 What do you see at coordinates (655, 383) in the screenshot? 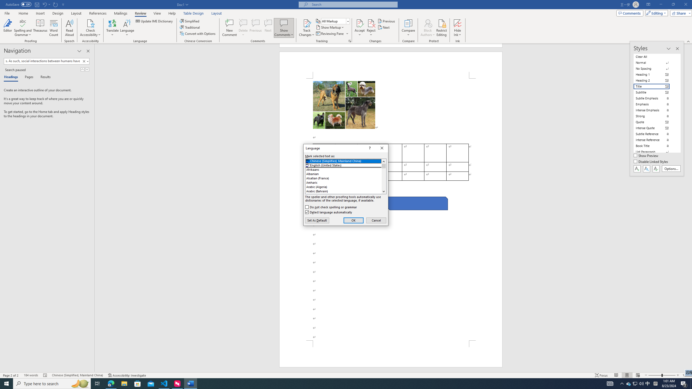
I see `'Tray Input Indicator - Chinese (Simplified, China)'` at bounding box center [655, 383].